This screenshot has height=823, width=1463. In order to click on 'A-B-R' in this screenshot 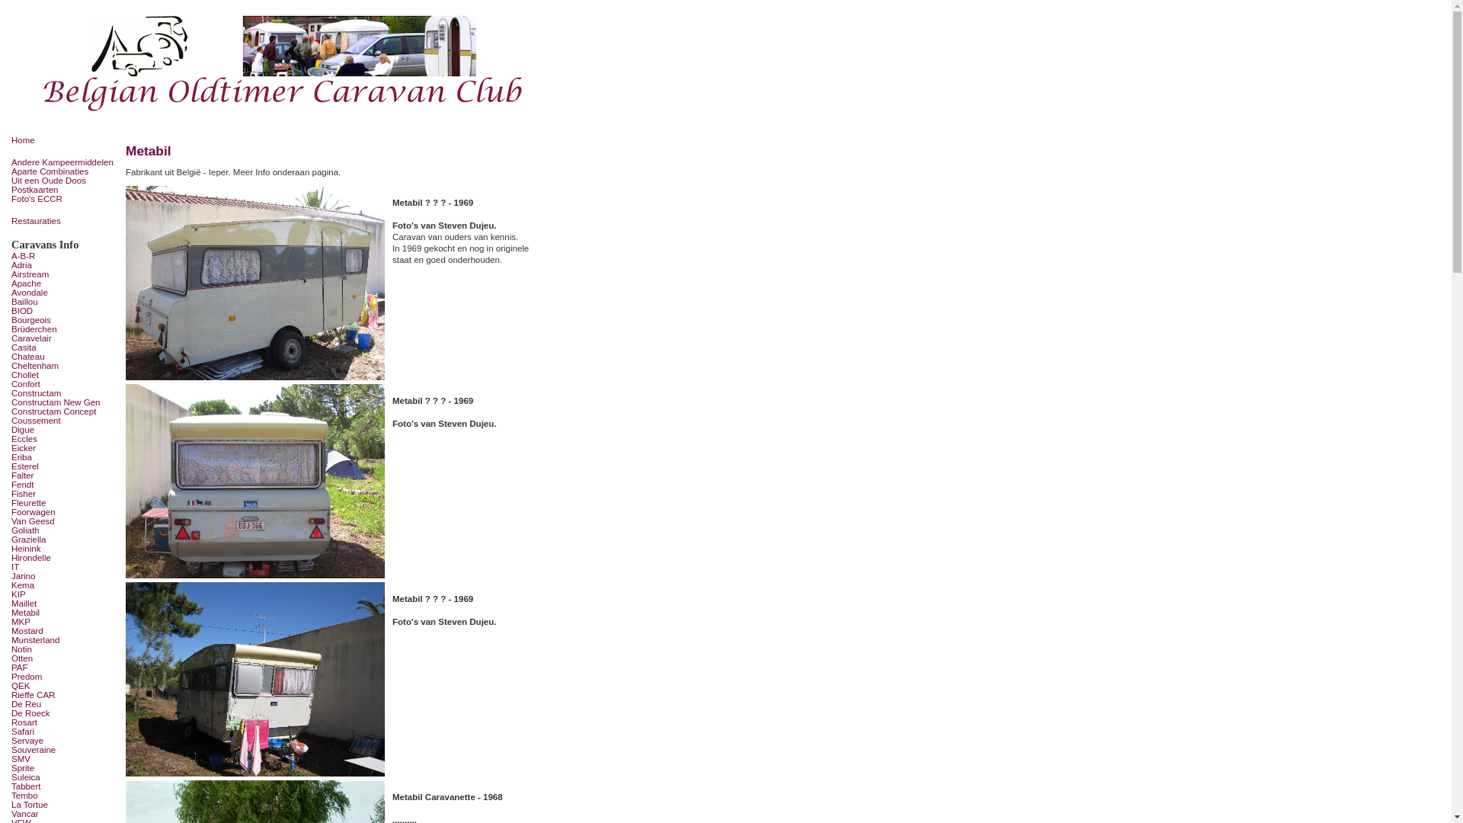, I will do `click(64, 255)`.